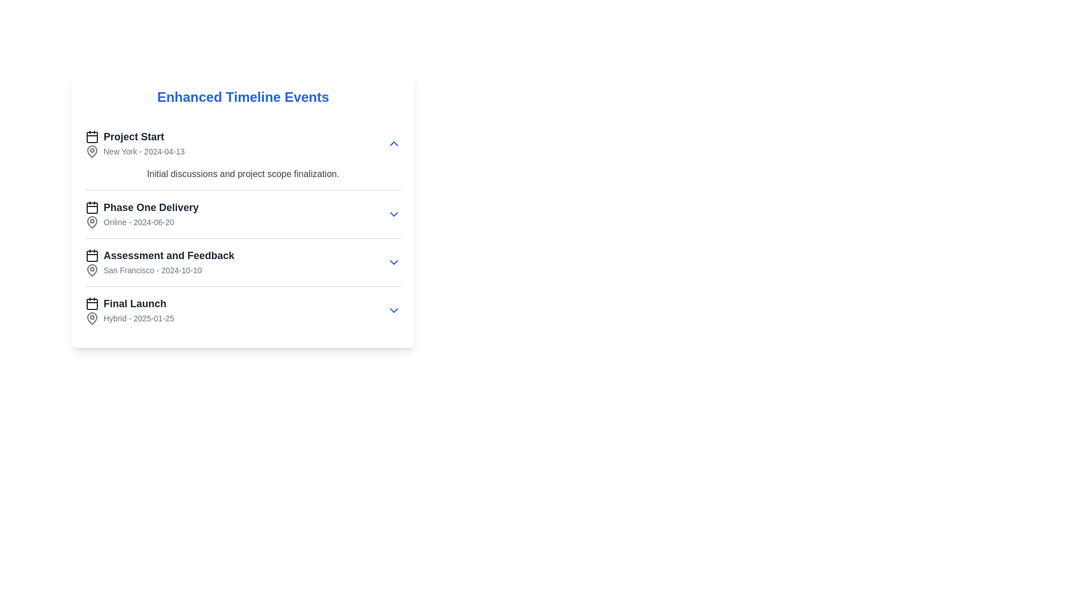 The width and height of the screenshot is (1087, 611). Describe the element at coordinates (242, 174) in the screenshot. I see `the Text Label that provides context related to the 'Project Start' timeline event, located directly under the heading 'Project Start'` at that location.